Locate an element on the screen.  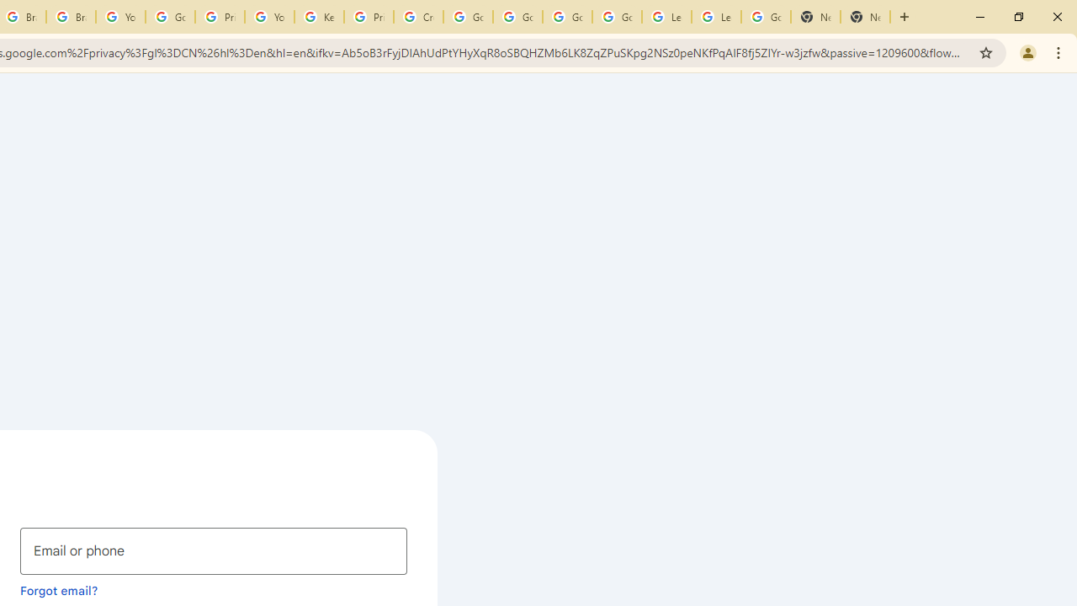
'New Tab' is located at coordinates (815, 17).